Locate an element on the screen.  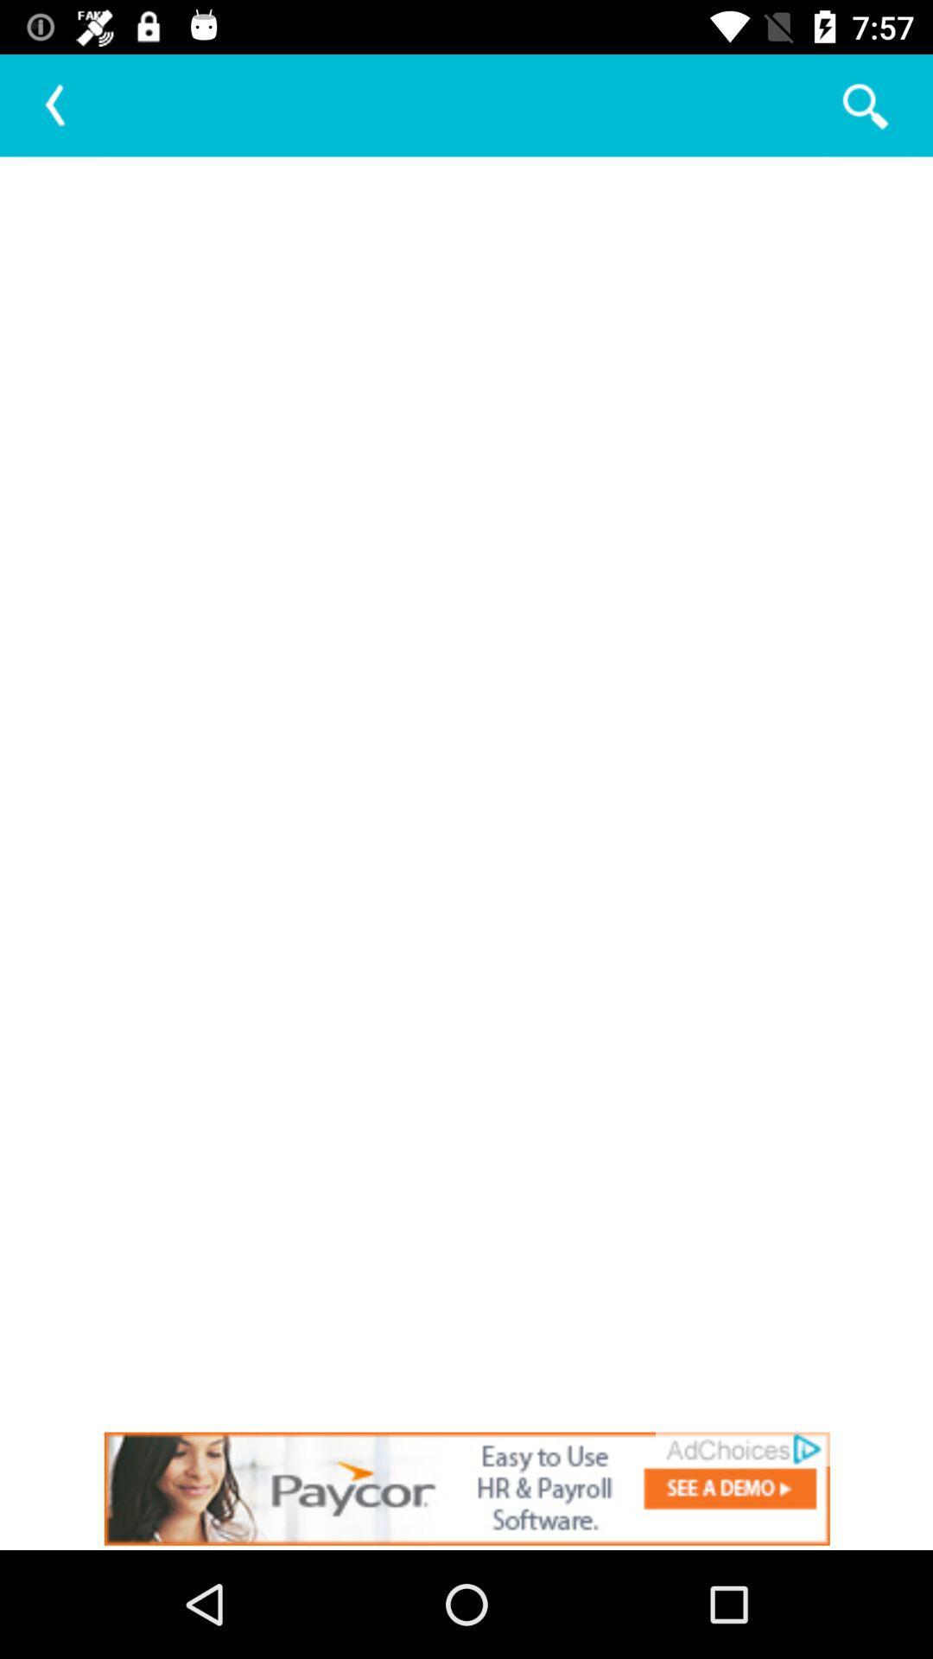
the option is located at coordinates (466, 1488).